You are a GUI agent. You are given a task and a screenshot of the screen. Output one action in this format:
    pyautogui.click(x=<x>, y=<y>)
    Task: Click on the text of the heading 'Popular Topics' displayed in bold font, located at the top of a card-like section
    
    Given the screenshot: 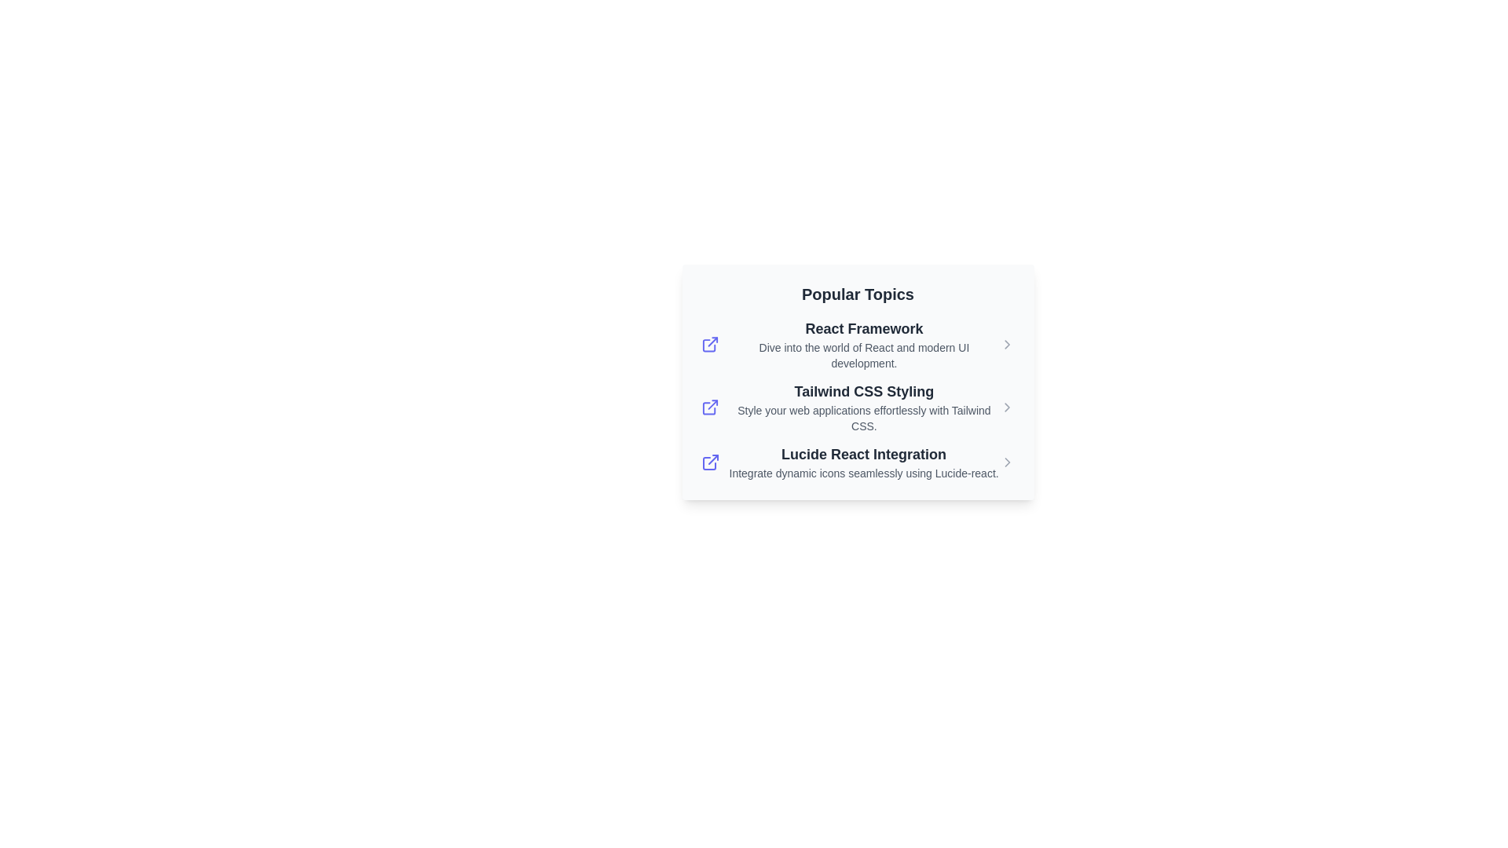 What is the action you would take?
    pyautogui.click(x=857, y=294)
    